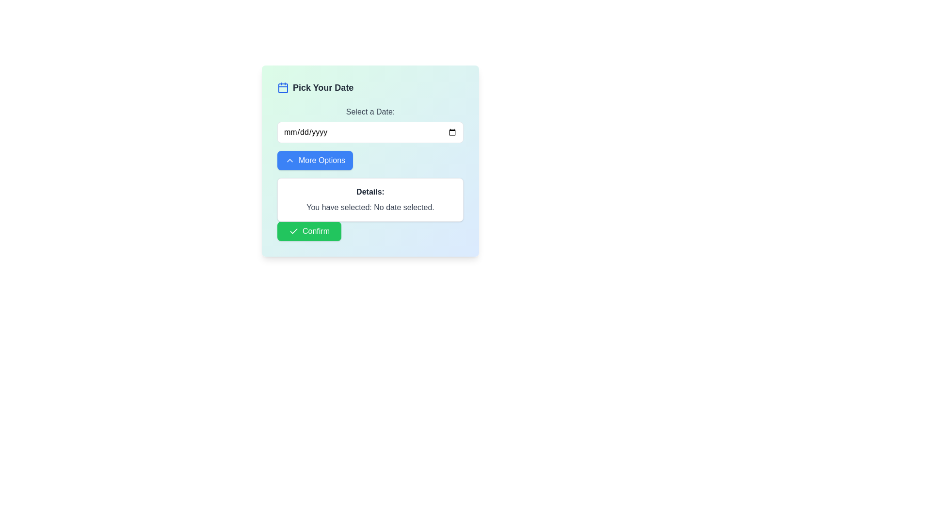 The width and height of the screenshot is (931, 524). What do you see at coordinates (369, 207) in the screenshot?
I see `the static text element displaying 'You have selected: No date selected.' which is located within a white box labeled 'Details:' and positioned below the 'More Options' button` at bounding box center [369, 207].